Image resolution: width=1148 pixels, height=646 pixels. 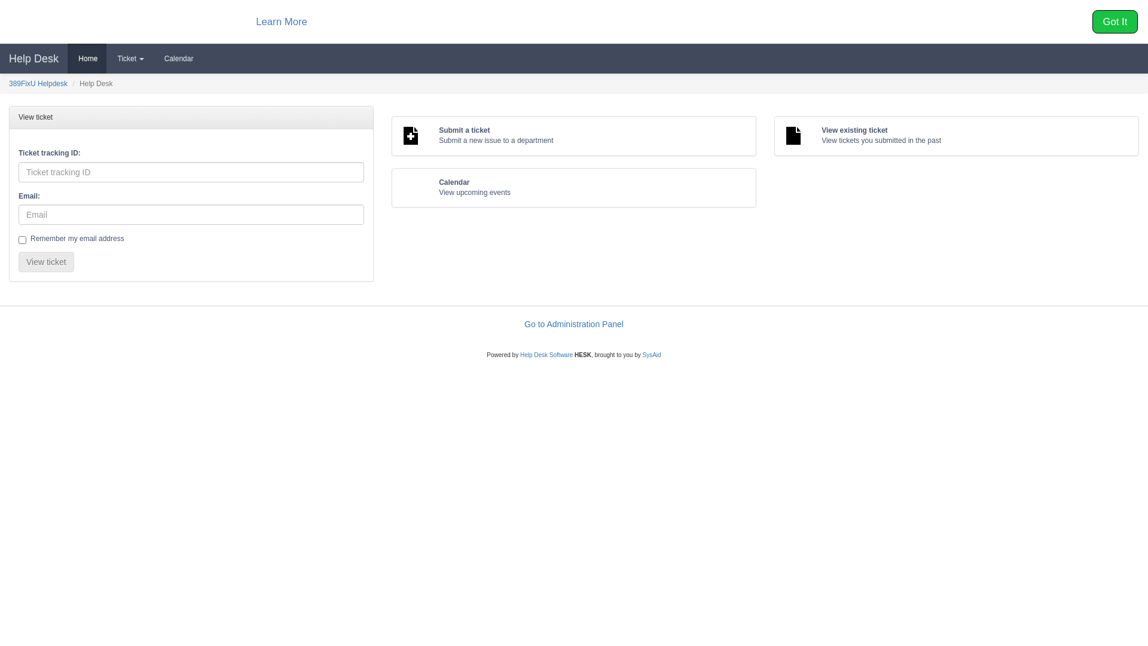 What do you see at coordinates (574, 187) in the screenshot?
I see `'Calendar` at bounding box center [574, 187].